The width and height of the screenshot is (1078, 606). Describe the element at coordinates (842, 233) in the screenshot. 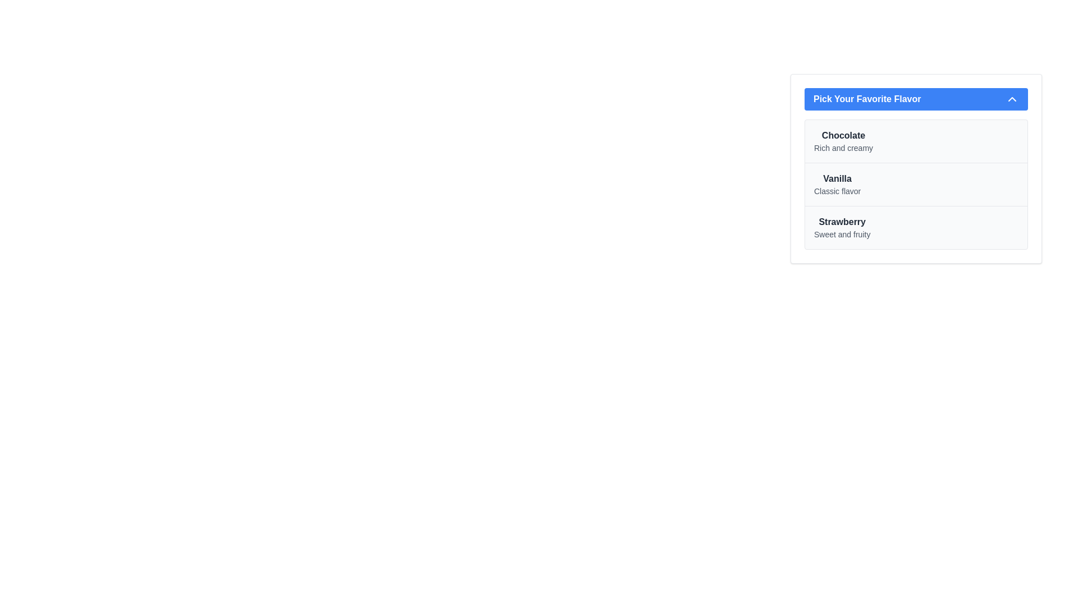

I see `the text label reading 'Sweet and fruity', which is positioned directly beneath the bold text 'Strawberry' in the vertical list labeled 'Pick Your Favorite Flavor'` at that location.